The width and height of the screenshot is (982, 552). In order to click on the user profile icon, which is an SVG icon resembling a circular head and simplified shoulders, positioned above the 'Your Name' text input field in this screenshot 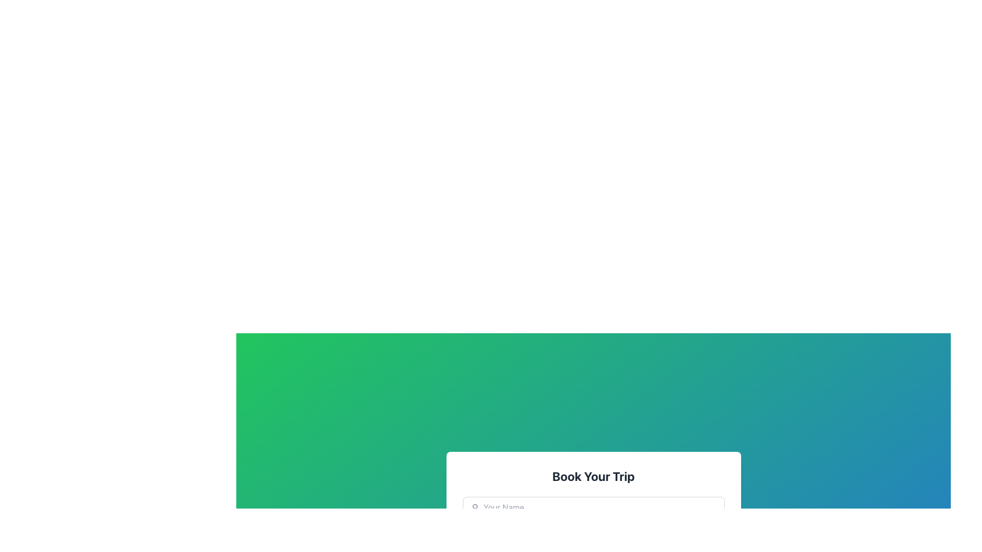, I will do `click(474, 509)`.